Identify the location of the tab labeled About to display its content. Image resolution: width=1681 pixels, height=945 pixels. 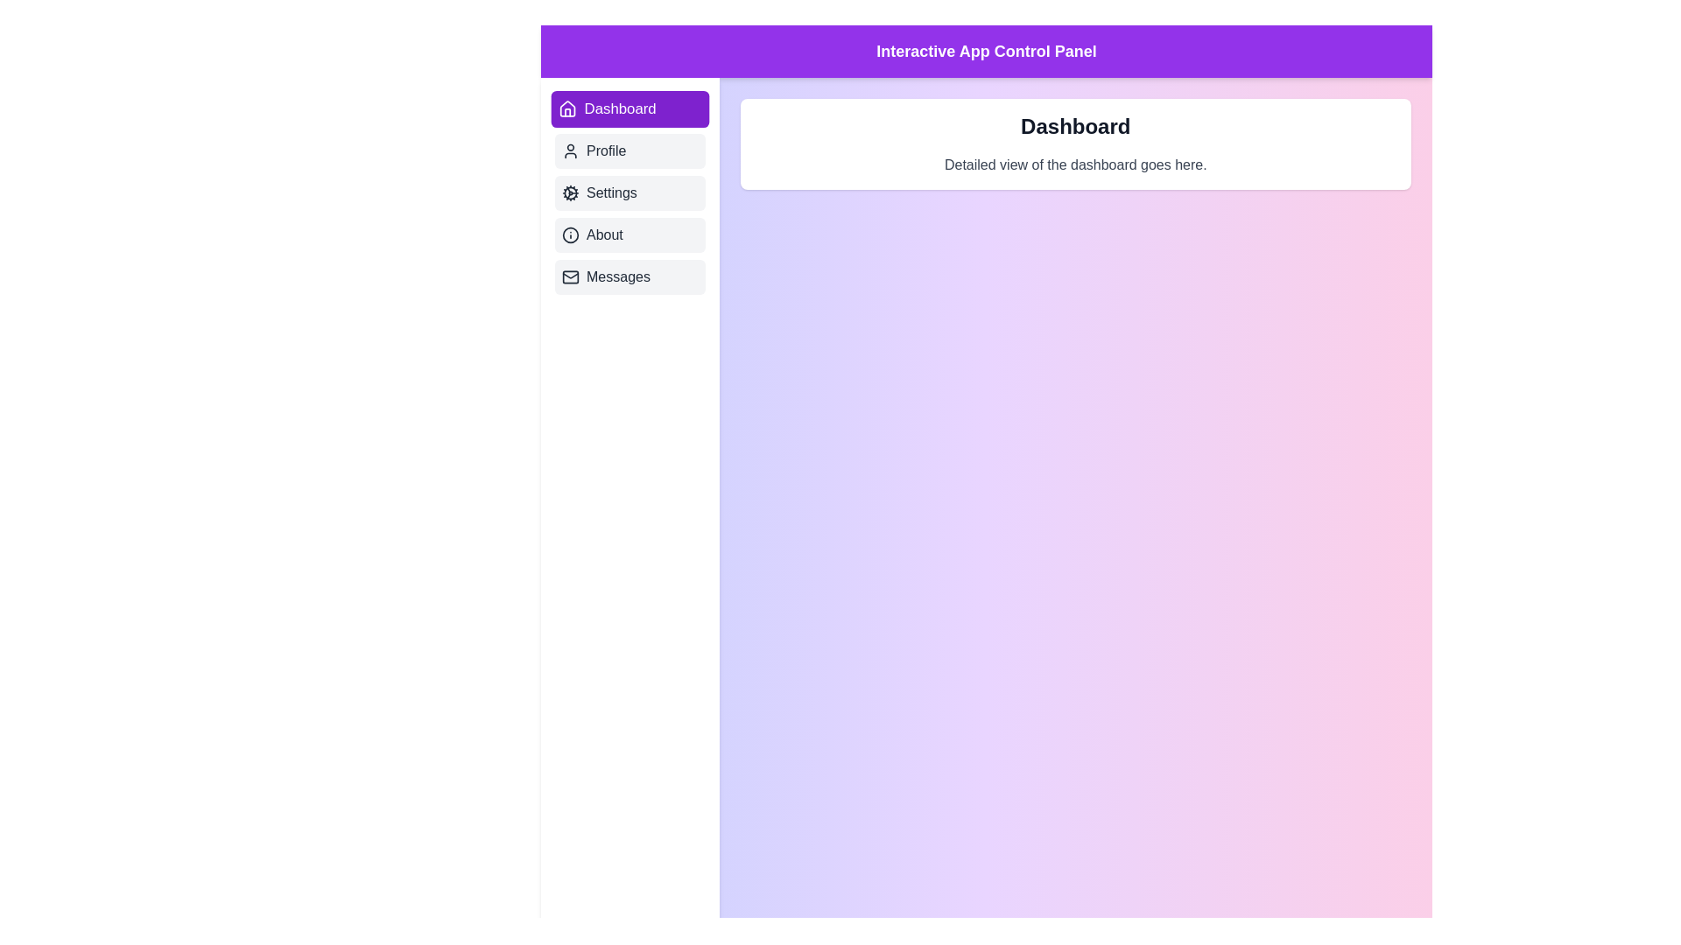
(629, 234).